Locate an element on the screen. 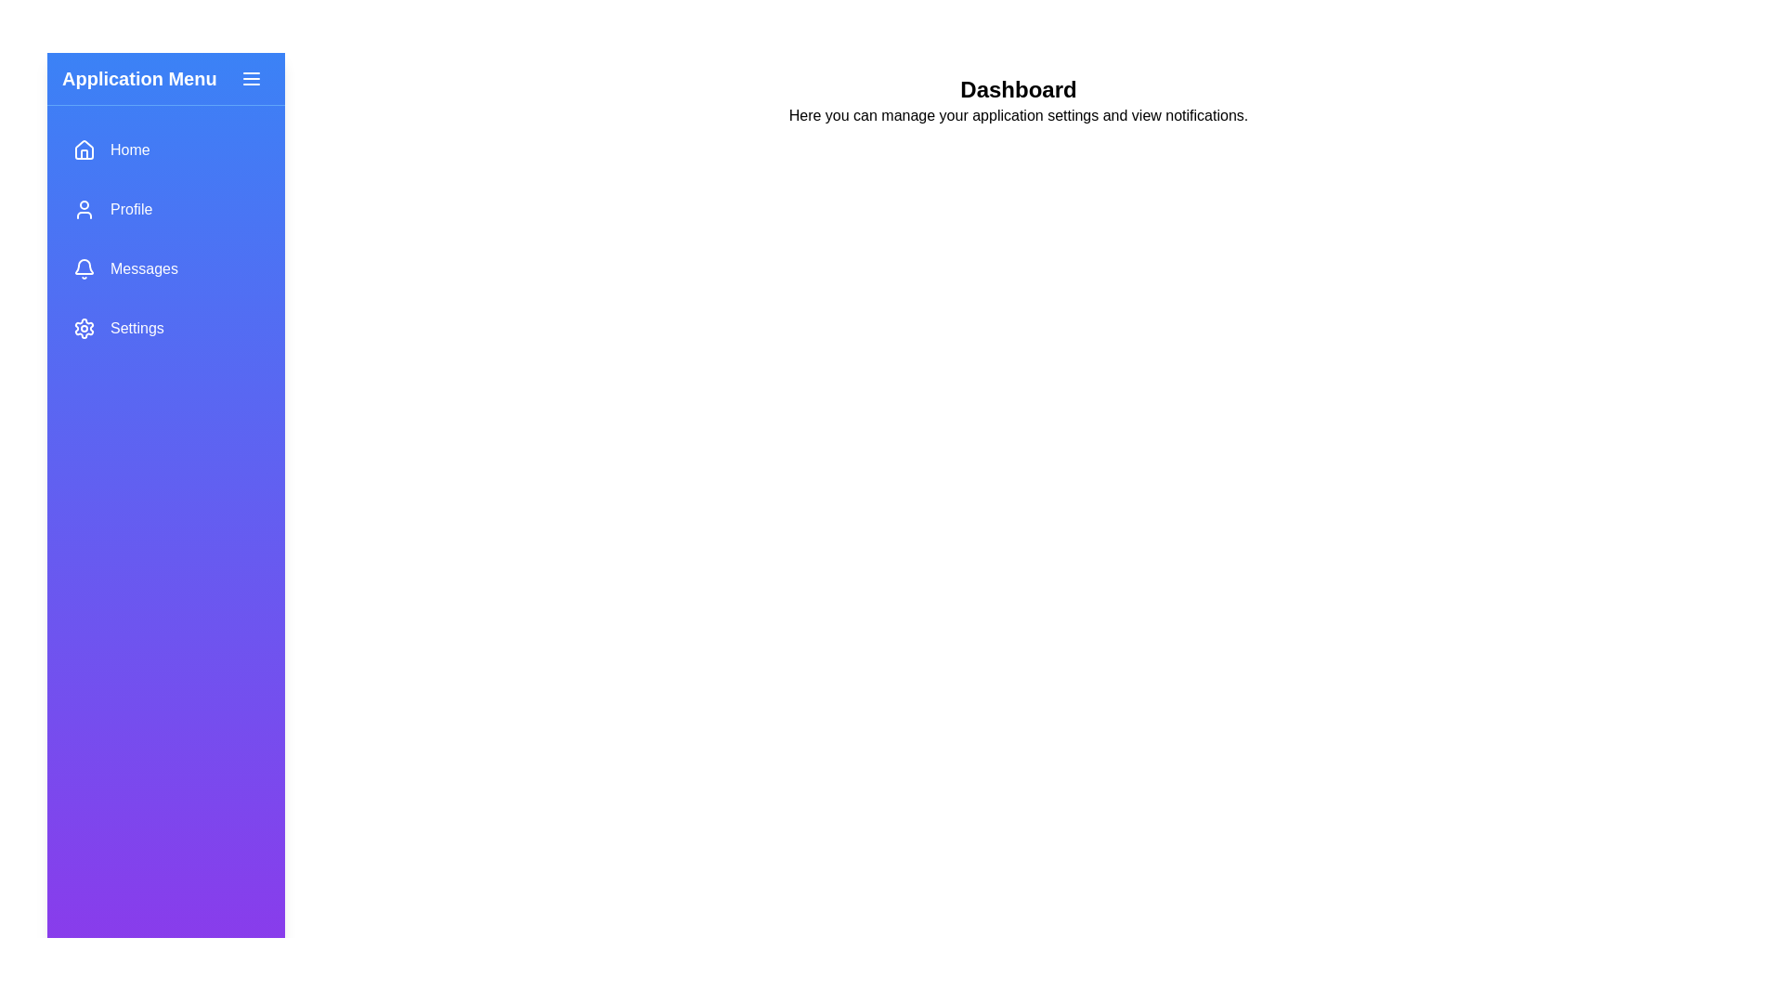 The height and width of the screenshot is (1003, 1783). the 'Messages' menu item, which is the third option in the vertical navigation bar, to trigger a hover effect is located at coordinates (165, 268).